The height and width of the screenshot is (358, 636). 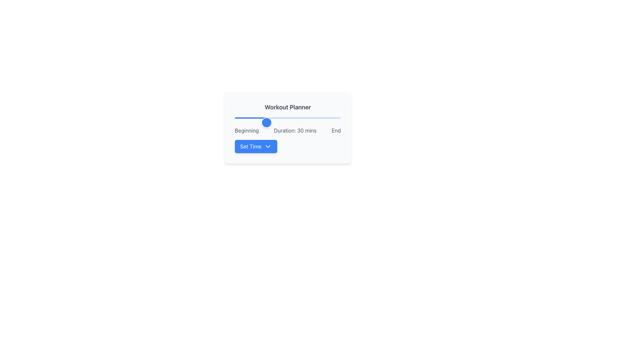 I want to click on the chevron-down icon with a blue background and white strokes, which is located immediately to the right of the 'Set Time' button, so click(x=268, y=146).